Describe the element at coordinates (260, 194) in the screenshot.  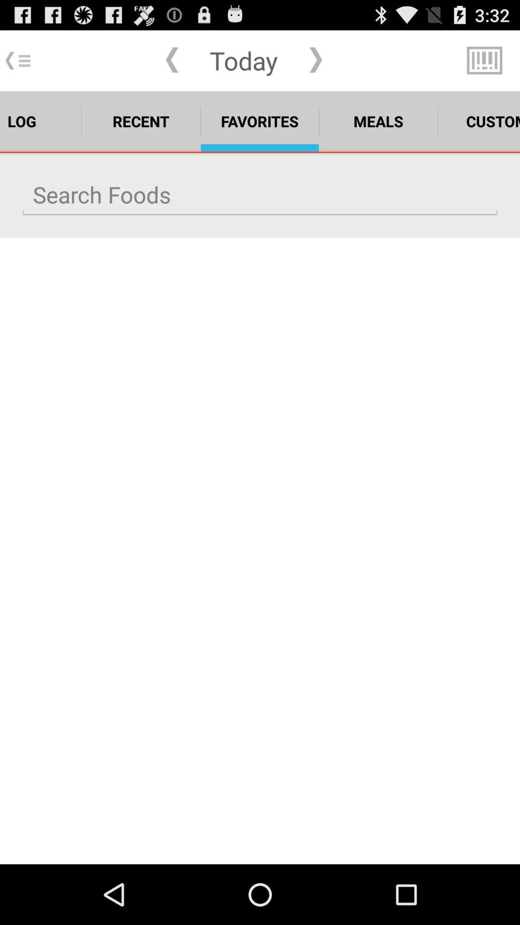
I see `search field` at that location.